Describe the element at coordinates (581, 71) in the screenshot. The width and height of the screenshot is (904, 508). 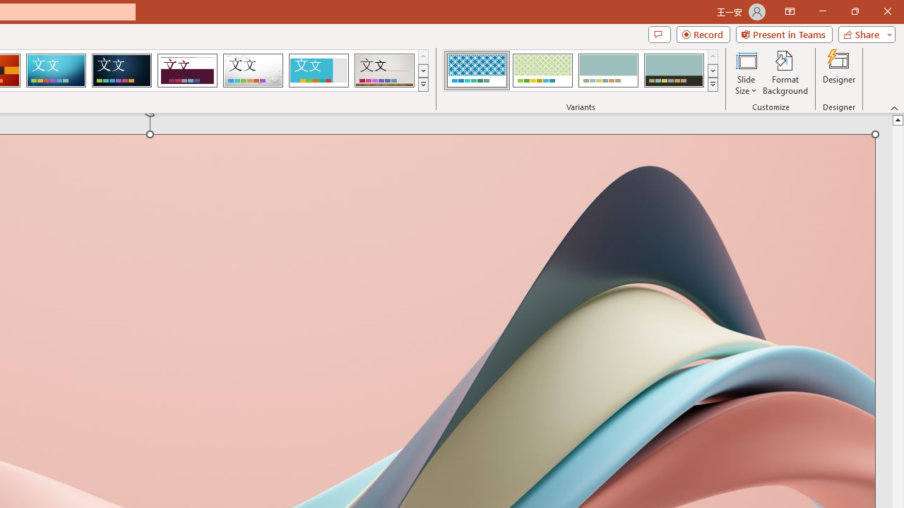
I see `'AutomationID: ThemeVariantsGallery'` at that location.